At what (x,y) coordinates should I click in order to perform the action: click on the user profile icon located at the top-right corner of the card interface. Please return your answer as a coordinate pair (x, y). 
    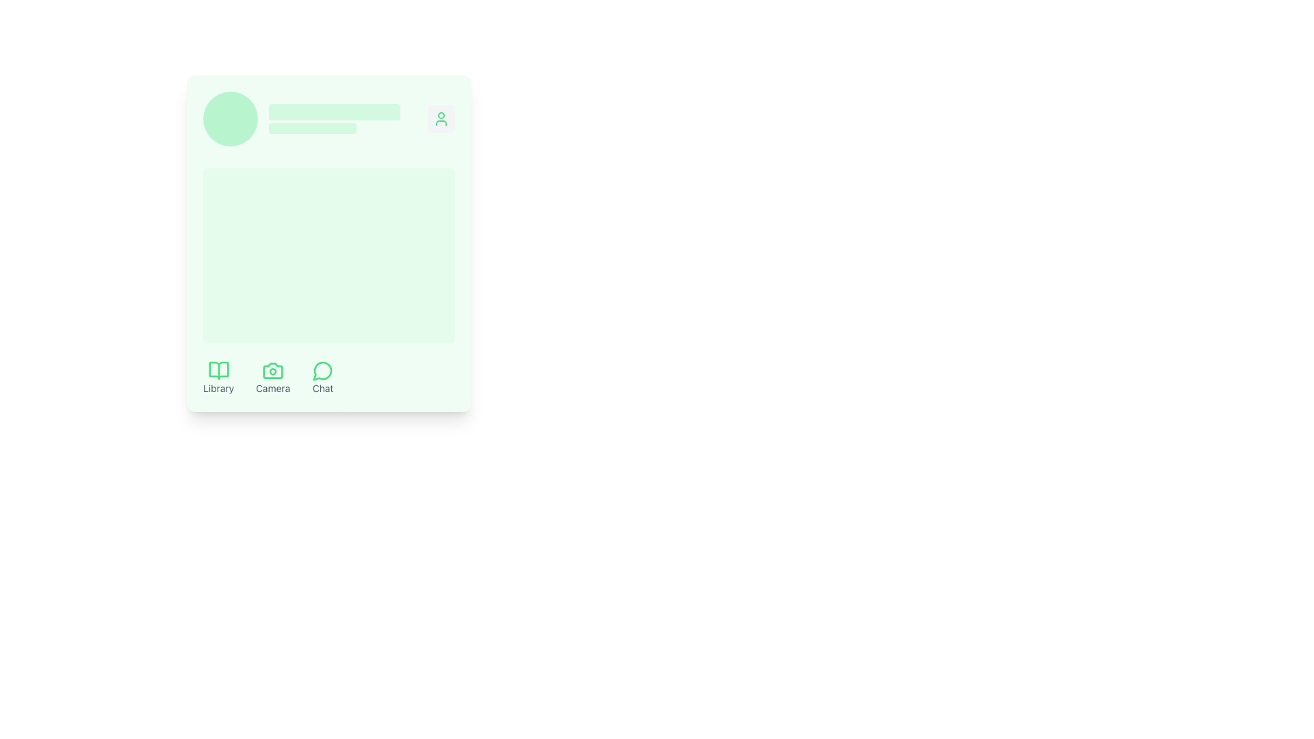
    Looking at the image, I should click on (441, 118).